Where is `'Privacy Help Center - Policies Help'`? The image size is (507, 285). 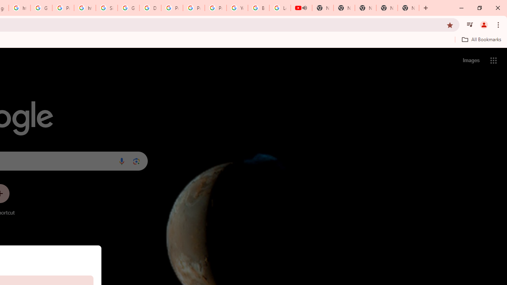
'Privacy Help Center - Policies Help' is located at coordinates (194, 8).